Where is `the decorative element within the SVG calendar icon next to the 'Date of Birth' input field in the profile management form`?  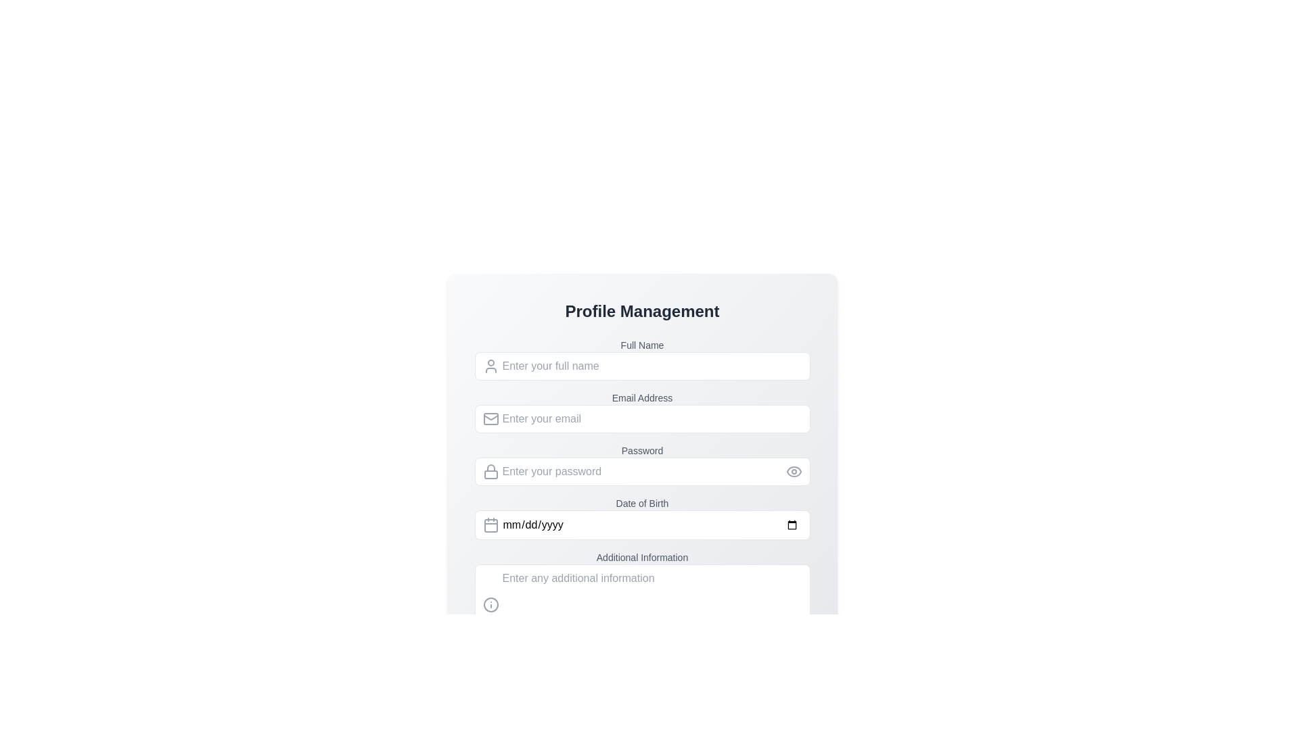 the decorative element within the SVG calendar icon next to the 'Date of Birth' input field in the profile management form is located at coordinates (490, 525).